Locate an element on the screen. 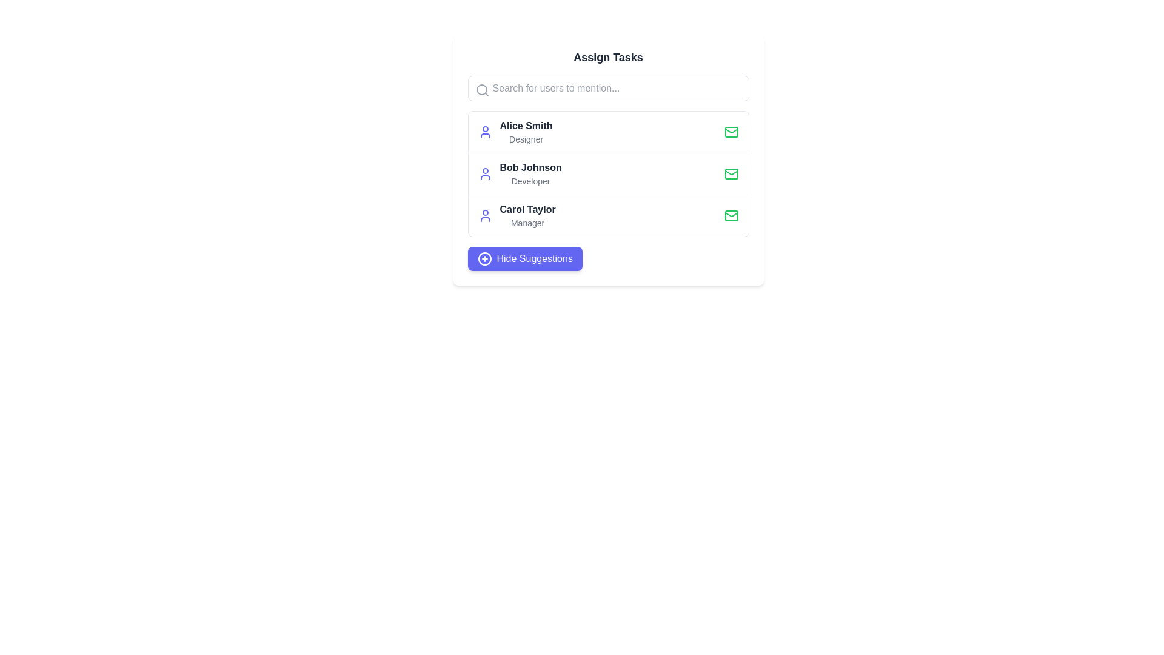  the static text label displaying 'Alice Smith', which is in a bold dark gray font and located at the top left of the first user's information card is located at coordinates (526, 126).